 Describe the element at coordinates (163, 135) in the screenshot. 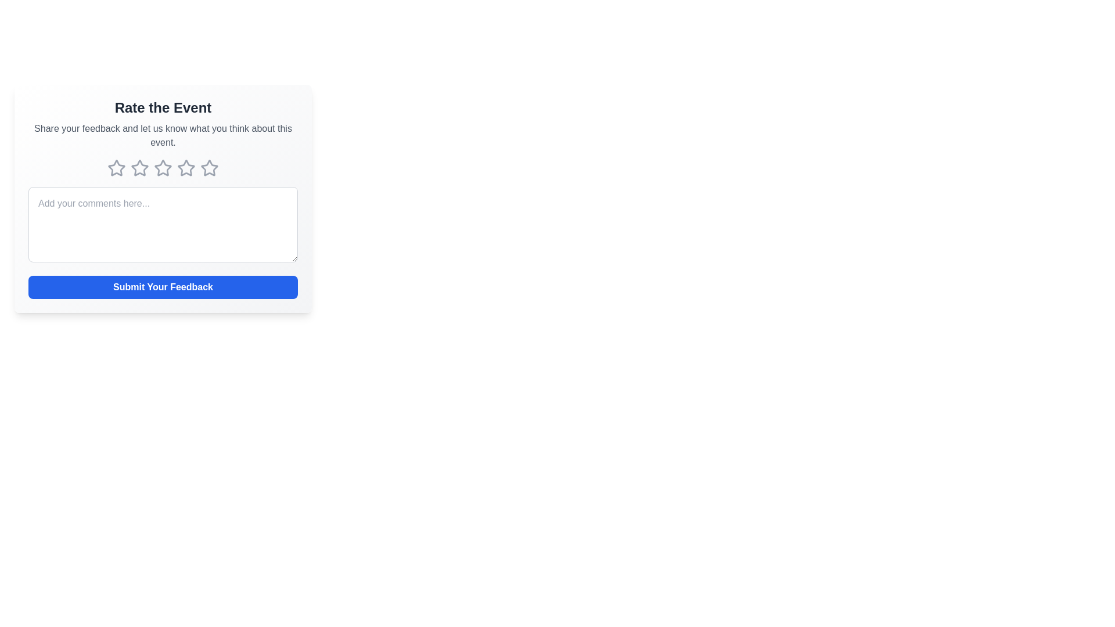

I see `instructional text label located below the heading 'Rate the Event' in the upper-middle section of the interface` at that location.